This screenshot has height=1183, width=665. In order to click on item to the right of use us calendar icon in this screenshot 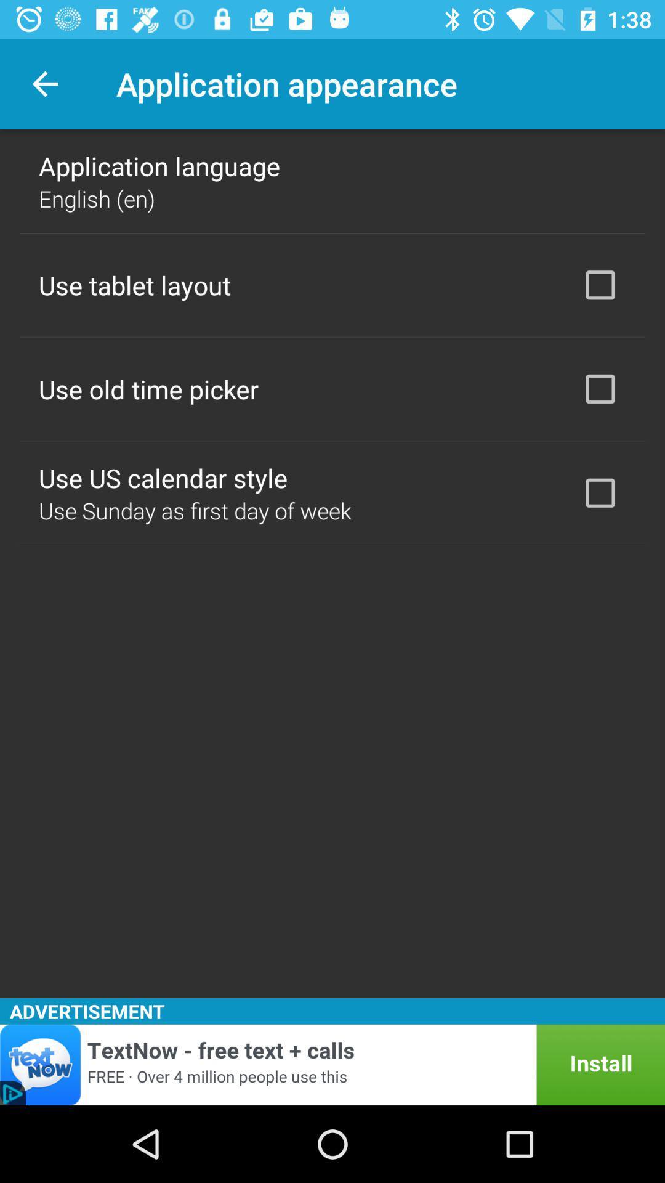, I will do `click(600, 493)`.